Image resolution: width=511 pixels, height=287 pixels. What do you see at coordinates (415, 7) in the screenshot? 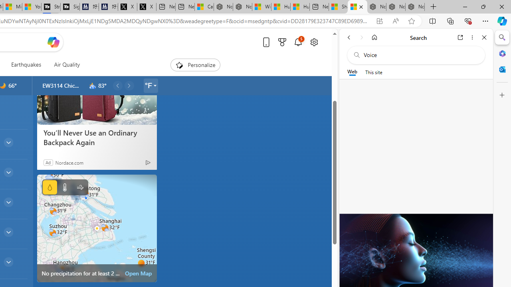
I see `'Nordace - Siena Pro 15 Essential Set'` at bounding box center [415, 7].